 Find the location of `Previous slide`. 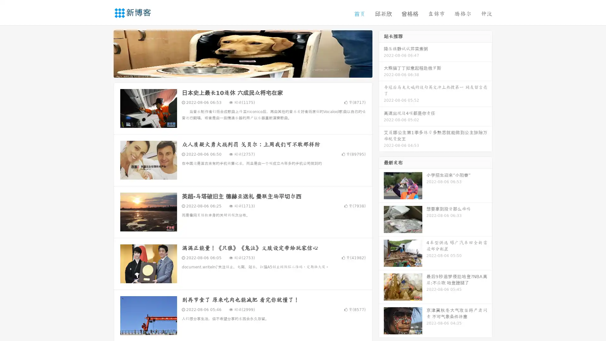

Previous slide is located at coordinates (104, 53).